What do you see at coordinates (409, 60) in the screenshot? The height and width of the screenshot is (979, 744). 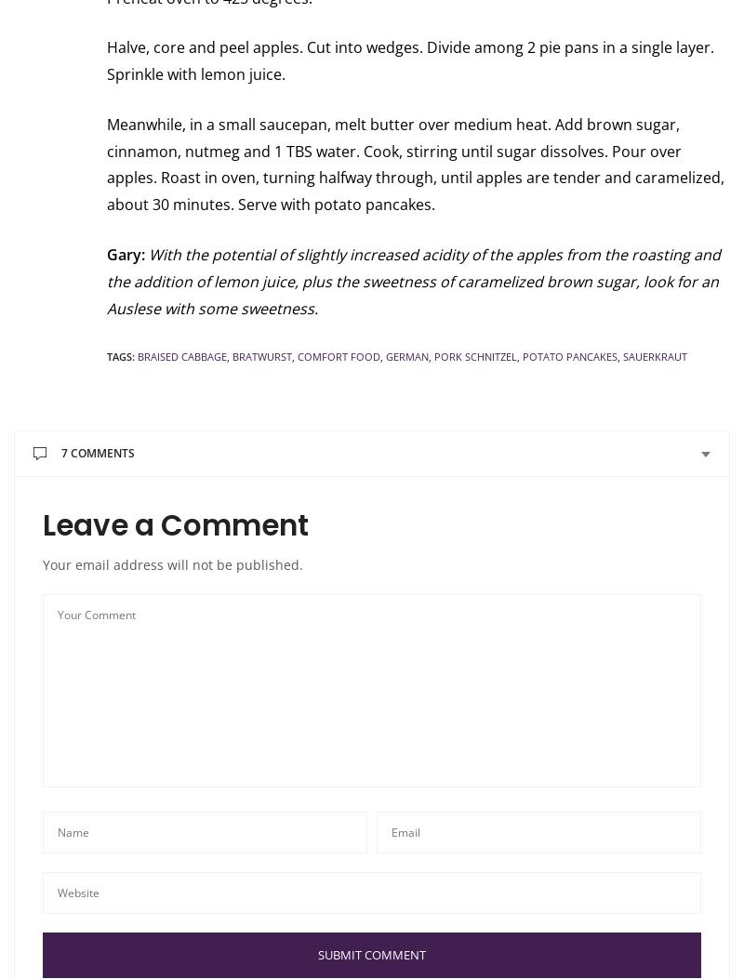 I see `'Halve, core and peel apples. Cut into wedges. Divide among 2 pie pans in a single layer. Sprinkle with lemon juice.'` at bounding box center [409, 60].